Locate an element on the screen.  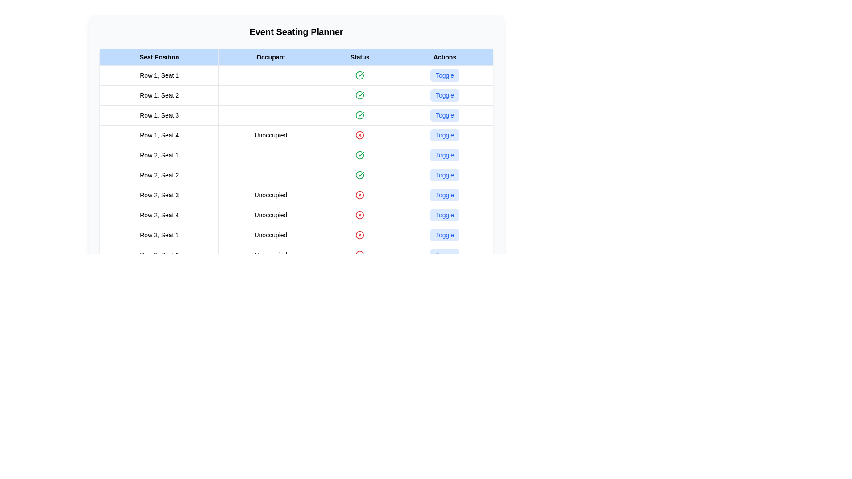
the interactive button in the last cell of 'Row 3, Seat 3' in the 'Actions' column is located at coordinates (445, 275).